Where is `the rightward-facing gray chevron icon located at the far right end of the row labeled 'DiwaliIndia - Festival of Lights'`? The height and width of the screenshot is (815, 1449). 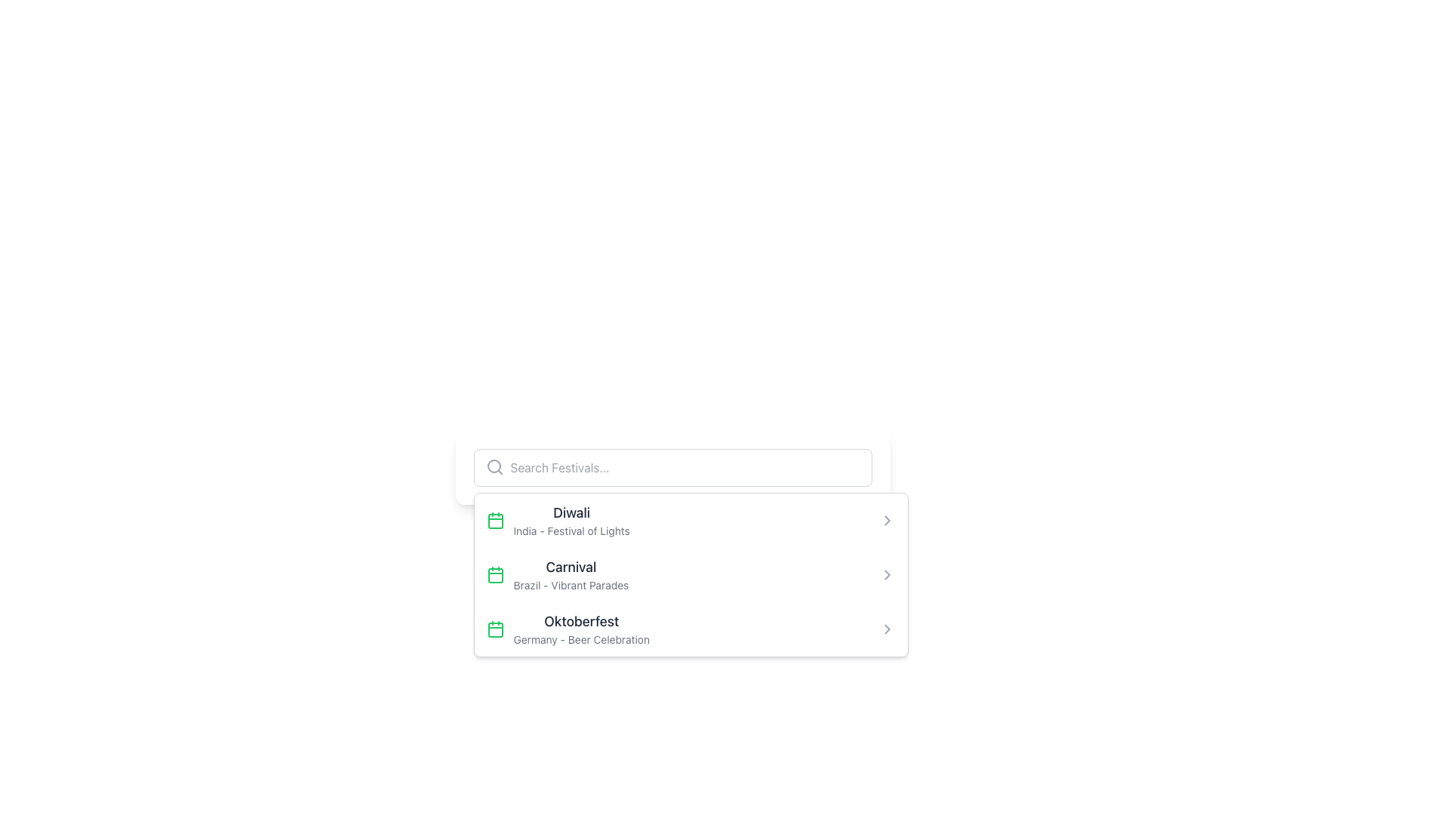 the rightward-facing gray chevron icon located at the far right end of the row labeled 'DiwaliIndia - Festival of Lights' is located at coordinates (887, 520).